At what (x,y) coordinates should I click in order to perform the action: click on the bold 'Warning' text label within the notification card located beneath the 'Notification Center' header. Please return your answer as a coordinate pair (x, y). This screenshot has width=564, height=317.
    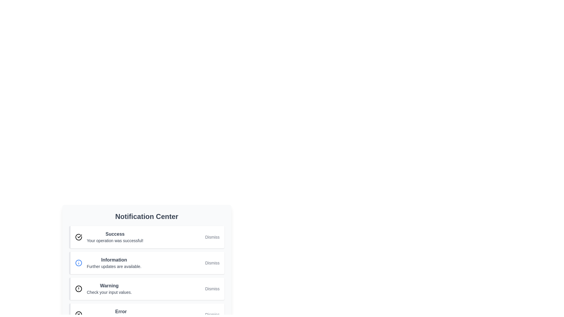
    Looking at the image, I should click on (109, 286).